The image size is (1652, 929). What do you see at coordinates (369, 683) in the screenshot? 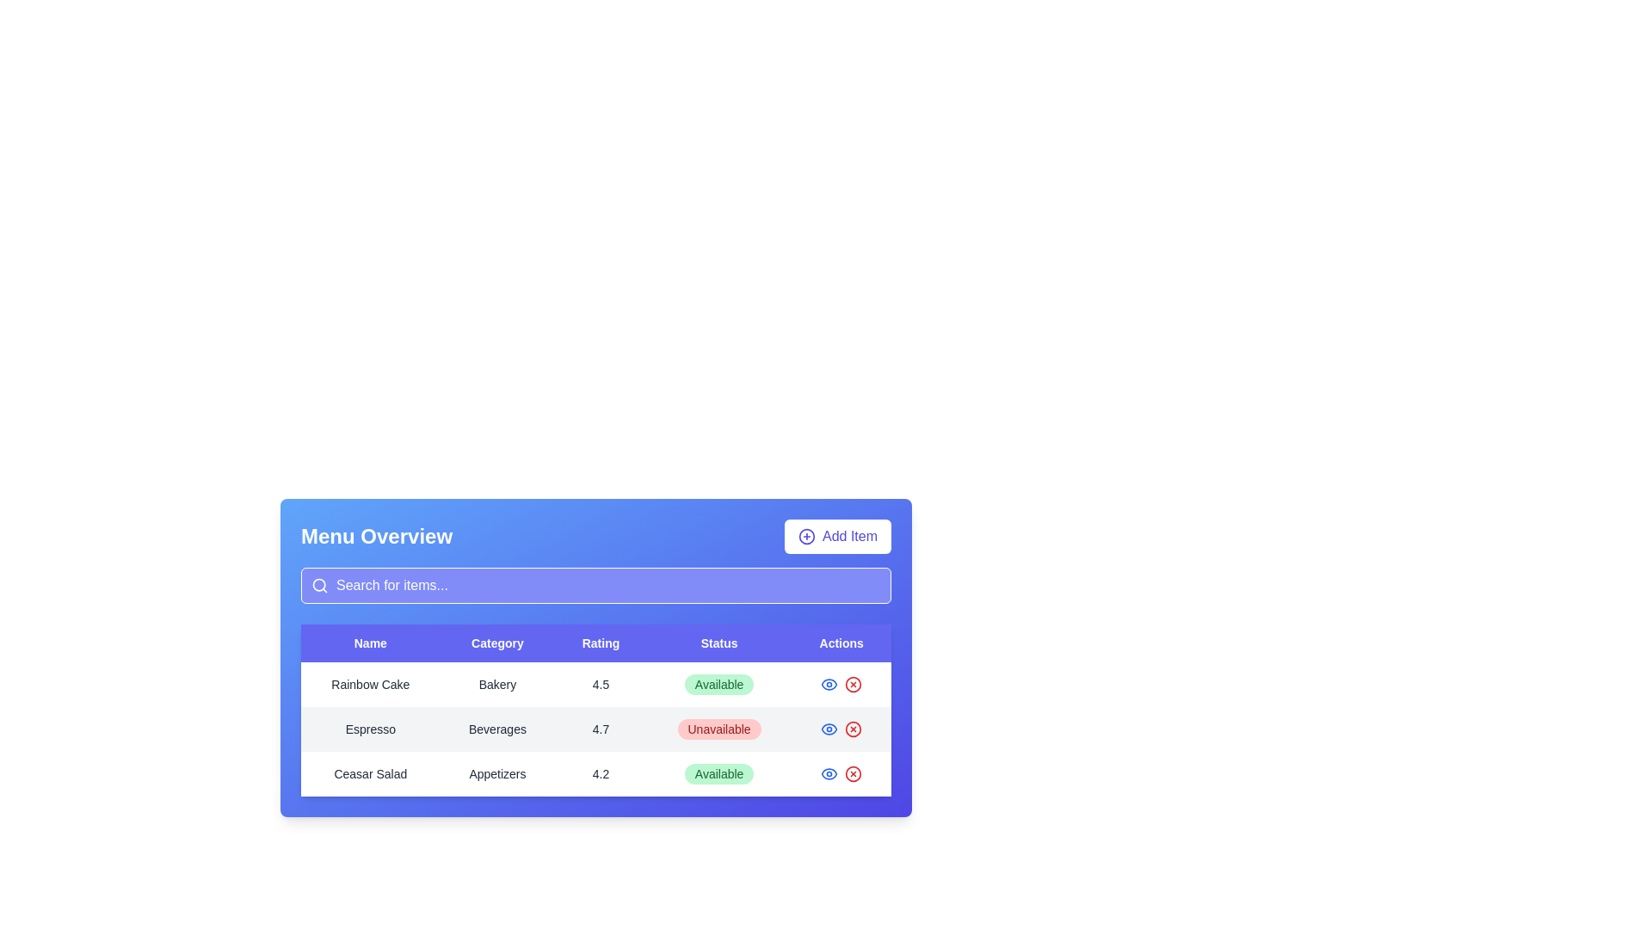
I see `the non-interactive text label in the 'Name' column of the table, located in the first row, which indicates the name of the item` at bounding box center [369, 683].